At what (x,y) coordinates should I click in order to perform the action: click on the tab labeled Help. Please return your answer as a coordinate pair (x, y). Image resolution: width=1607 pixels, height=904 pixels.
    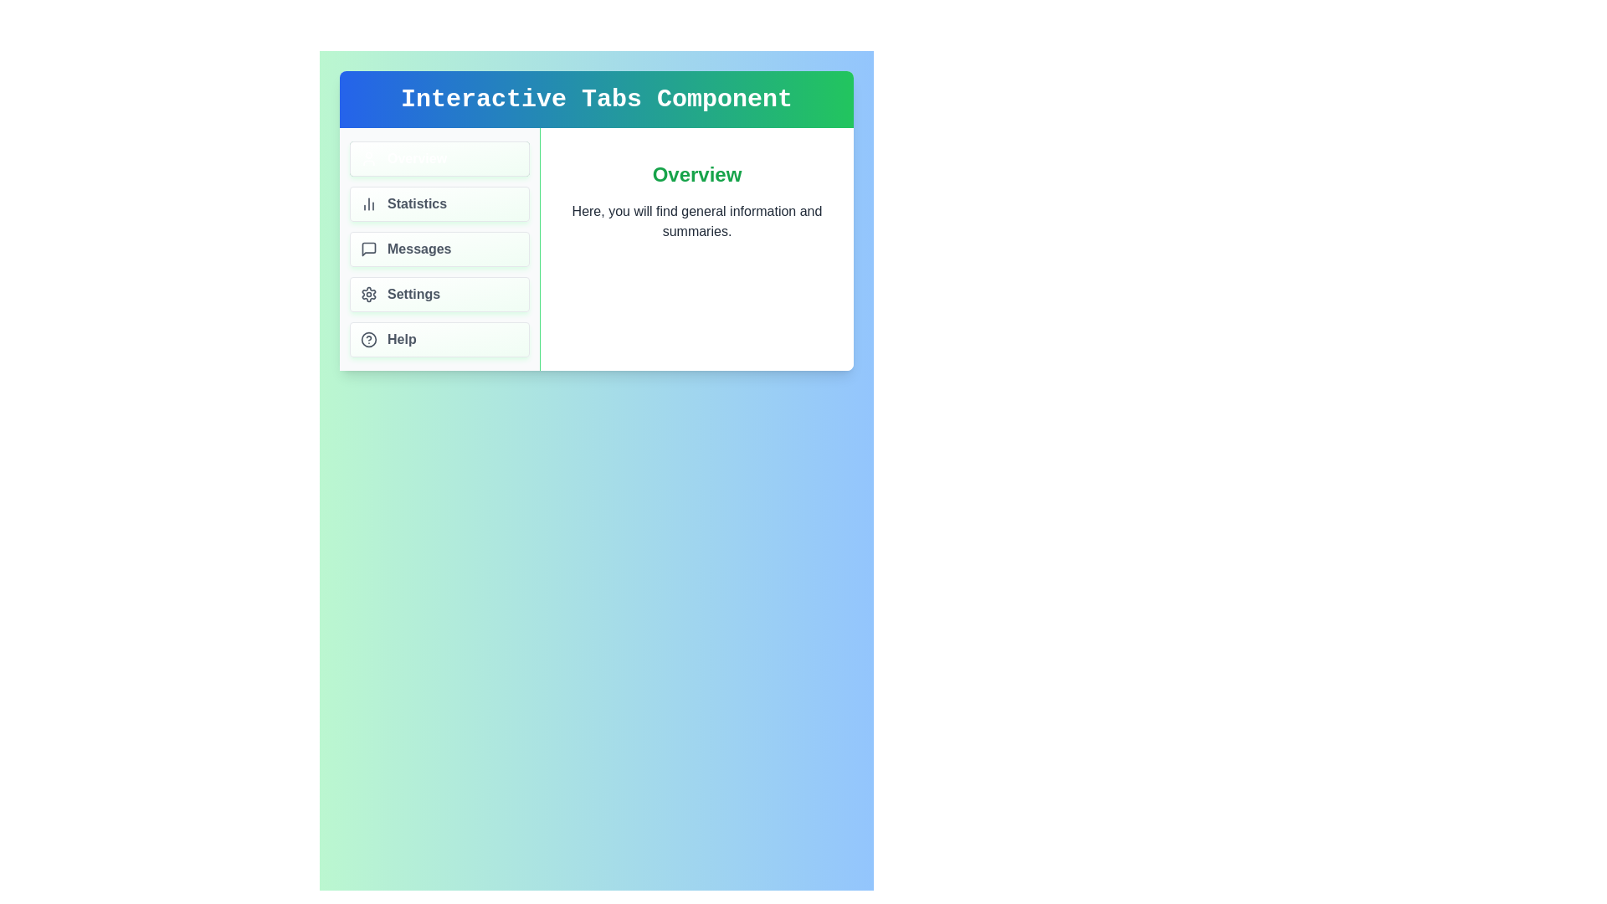
    Looking at the image, I should click on (439, 339).